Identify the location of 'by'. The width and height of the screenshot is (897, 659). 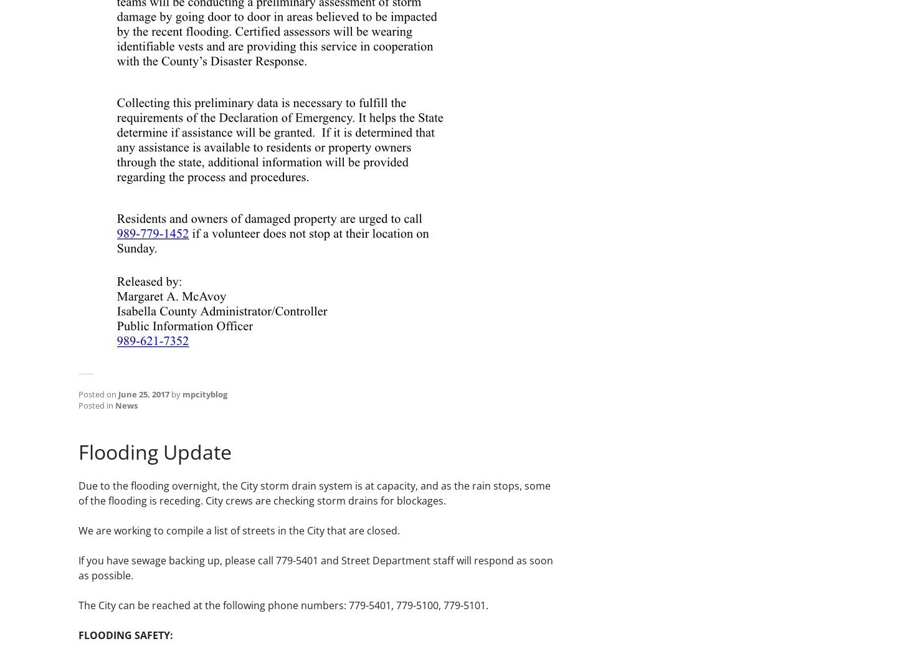
(175, 394).